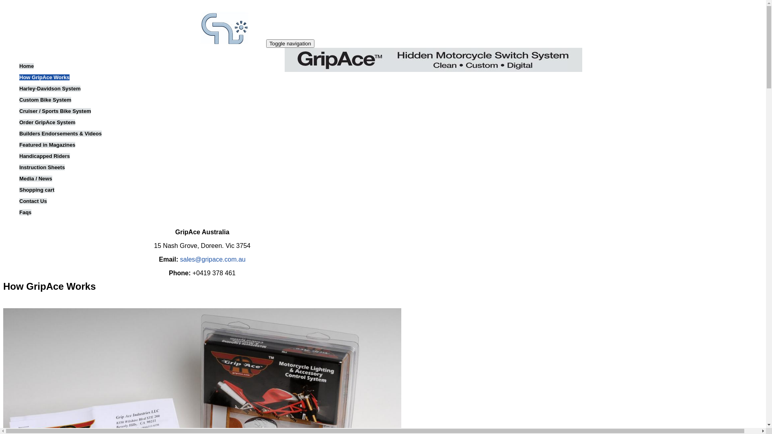 The image size is (772, 434). Describe the element at coordinates (3, 3) in the screenshot. I see `'Skip to main content'` at that location.